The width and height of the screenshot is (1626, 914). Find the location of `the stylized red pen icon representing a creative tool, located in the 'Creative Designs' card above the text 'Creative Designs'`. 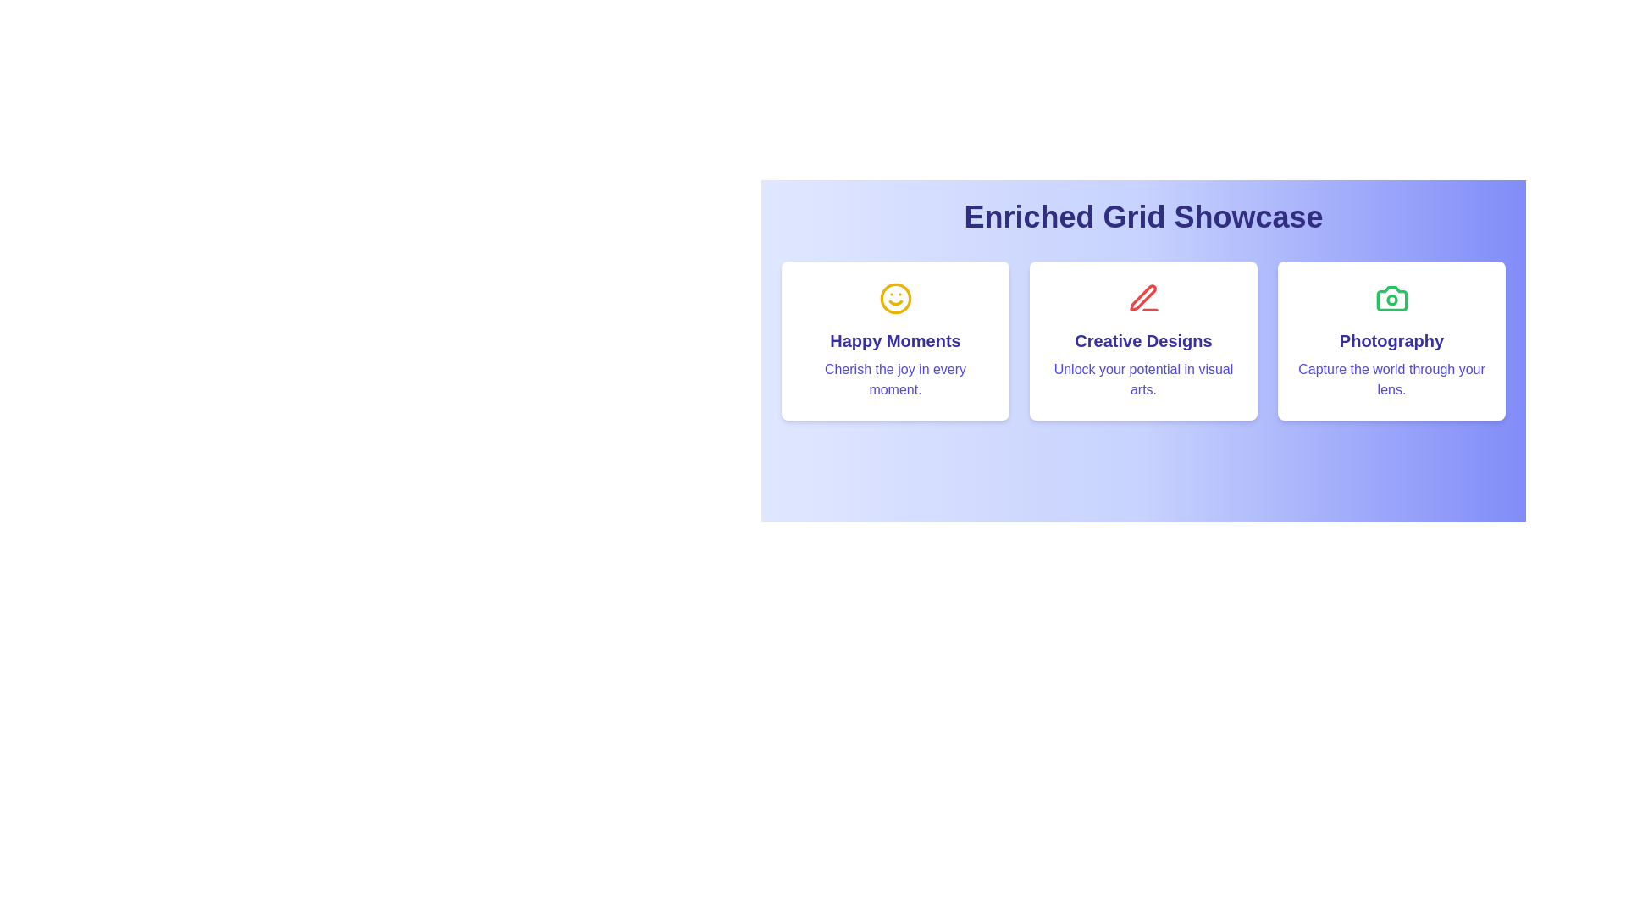

the stylized red pen icon representing a creative tool, located in the 'Creative Designs' card above the text 'Creative Designs' is located at coordinates (1143, 298).